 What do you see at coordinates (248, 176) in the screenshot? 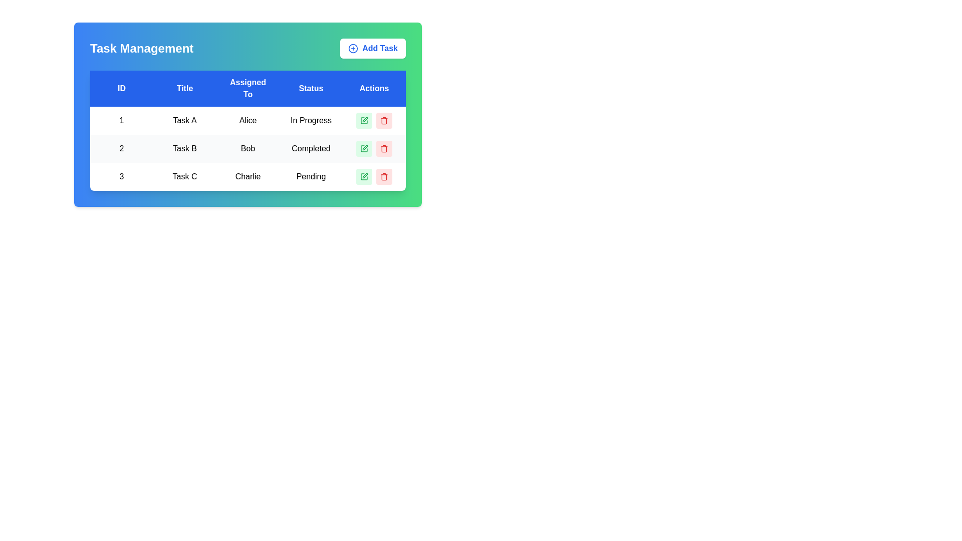
I see `the static text label 'Charlie' in the third row under the 'Assigned To' column, which indicates the person assigned to the task` at bounding box center [248, 176].